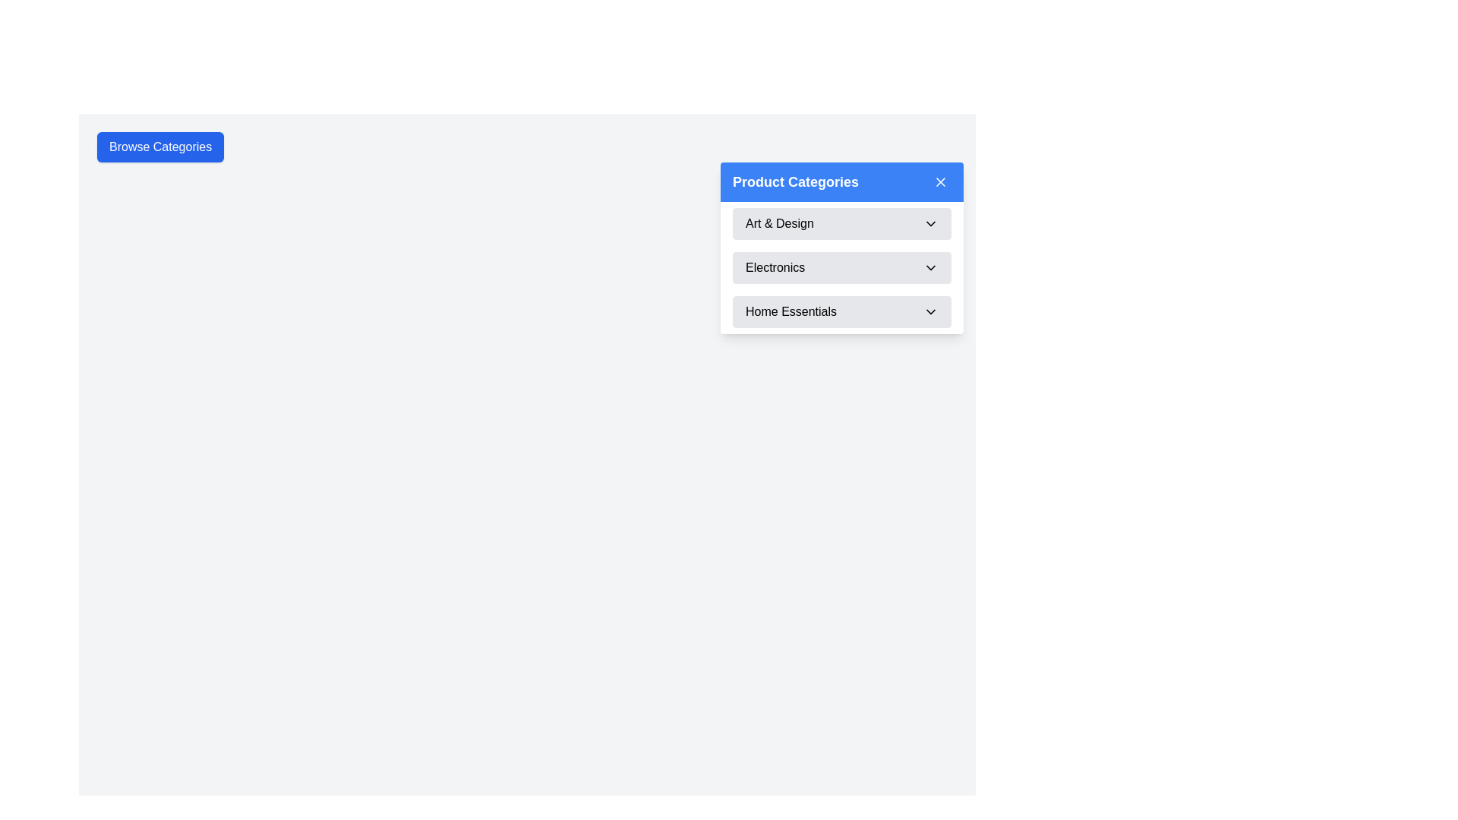 This screenshot has width=1458, height=820. Describe the element at coordinates (841, 267) in the screenshot. I see `the 'Electronics' entry` at that location.